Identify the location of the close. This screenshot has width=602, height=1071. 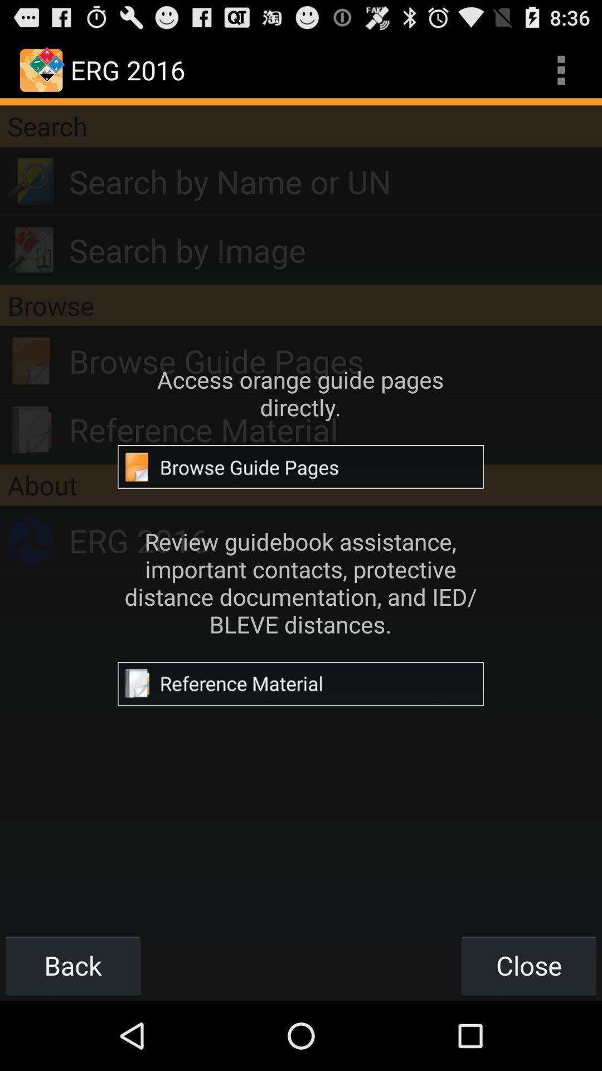
(528, 965).